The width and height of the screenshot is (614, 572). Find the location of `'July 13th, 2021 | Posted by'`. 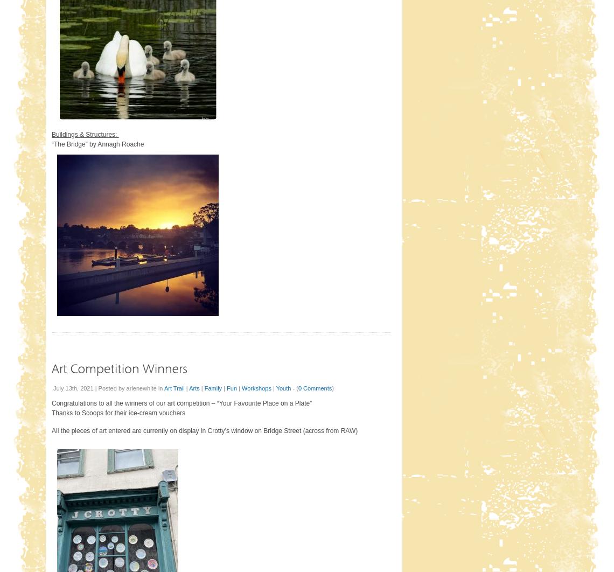

'July 13th, 2021 | Posted by' is located at coordinates (89, 388).